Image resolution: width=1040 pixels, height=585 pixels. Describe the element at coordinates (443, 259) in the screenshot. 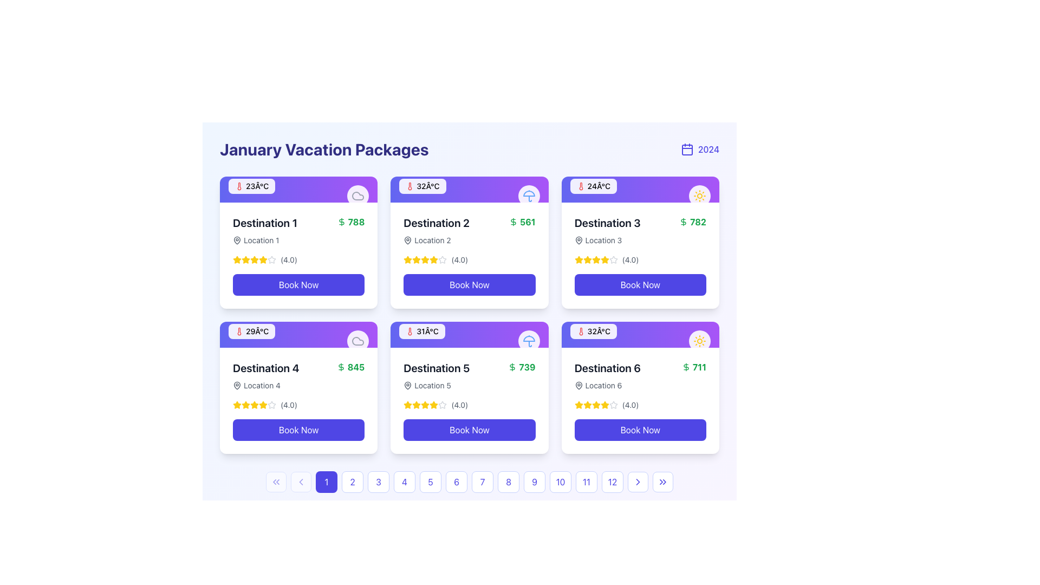

I see `the fourth star icon in the rating scale for the second vacation package card in the first row` at that location.